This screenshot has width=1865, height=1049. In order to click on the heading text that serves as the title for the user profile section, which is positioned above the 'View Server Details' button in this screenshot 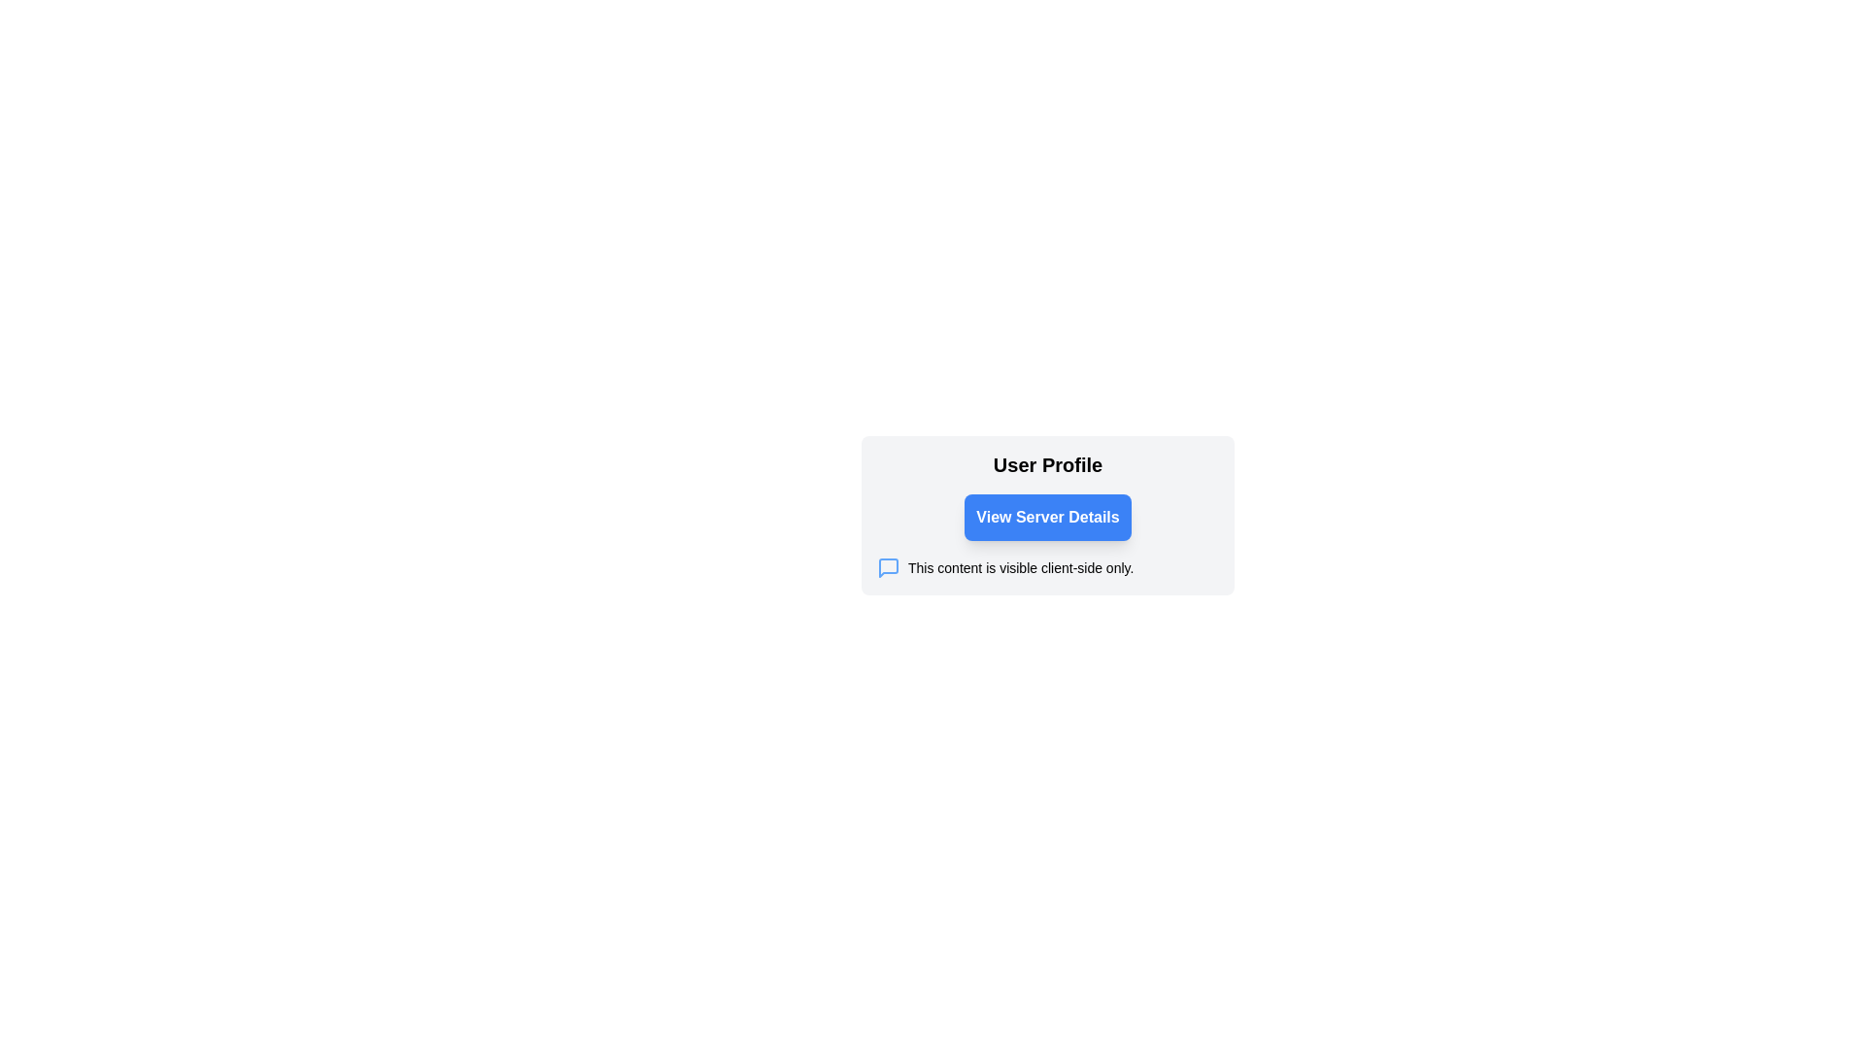, I will do `click(1047, 464)`.